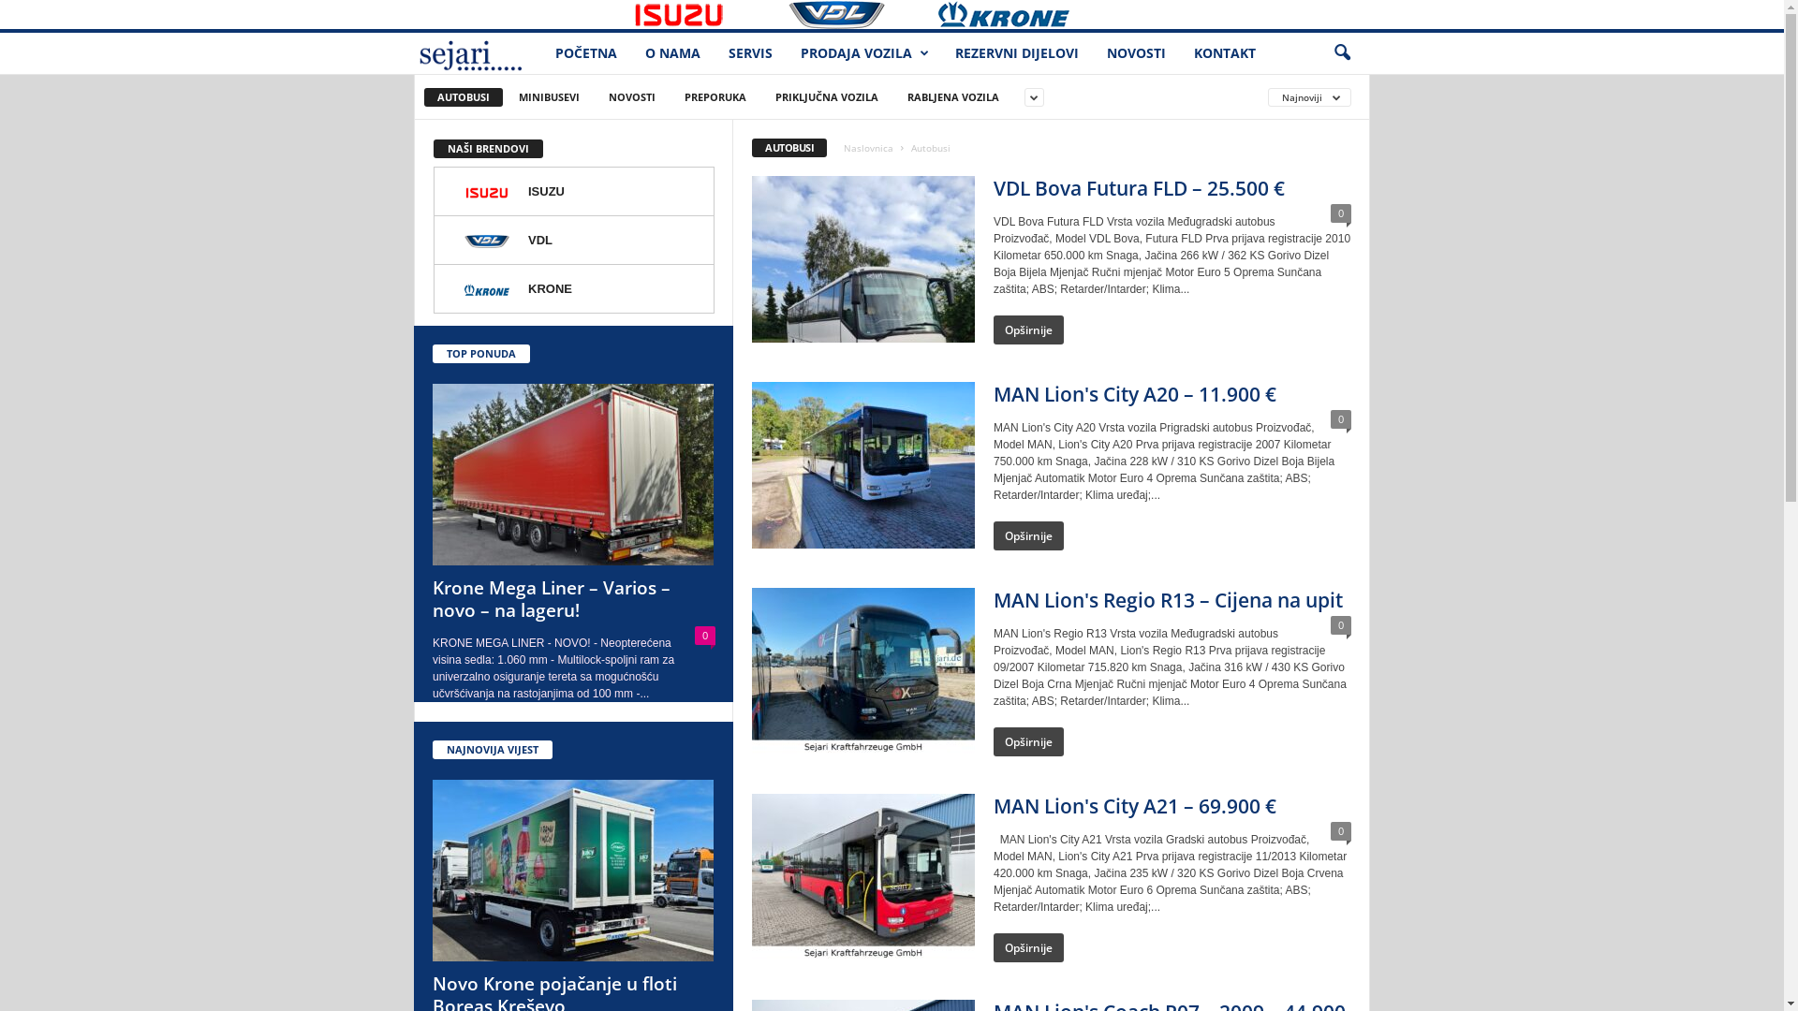  I want to click on 'ISUZU', so click(573, 191).